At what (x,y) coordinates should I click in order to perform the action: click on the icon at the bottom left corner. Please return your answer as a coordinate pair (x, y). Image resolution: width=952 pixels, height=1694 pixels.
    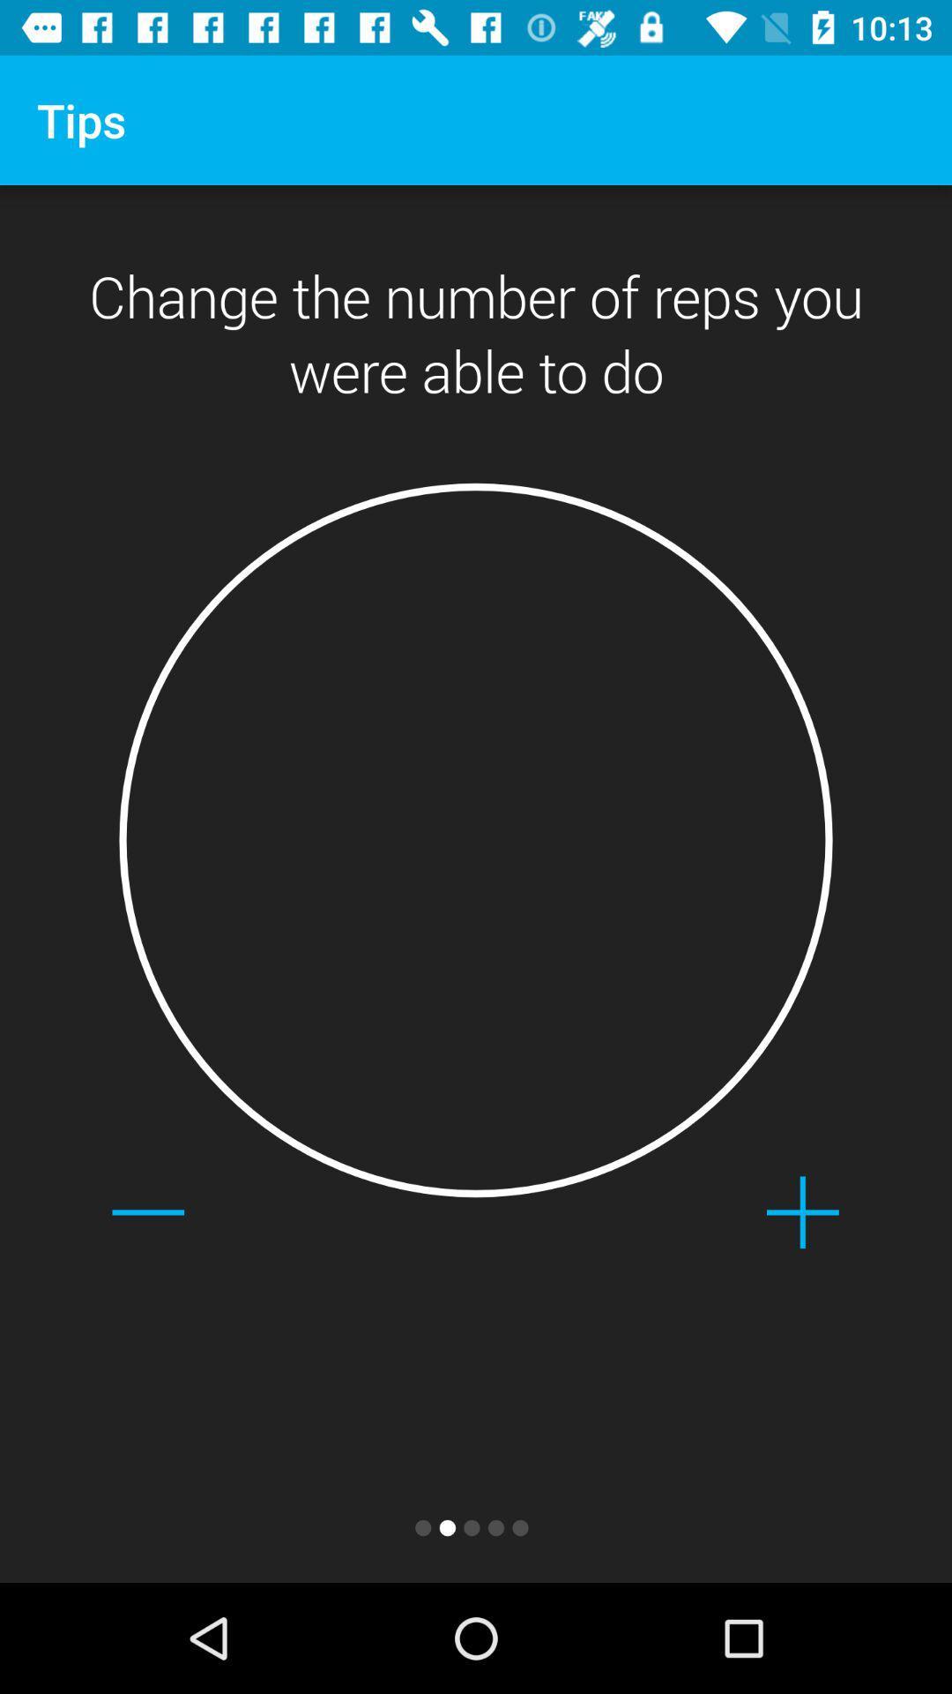
    Looking at the image, I should click on (147, 1211).